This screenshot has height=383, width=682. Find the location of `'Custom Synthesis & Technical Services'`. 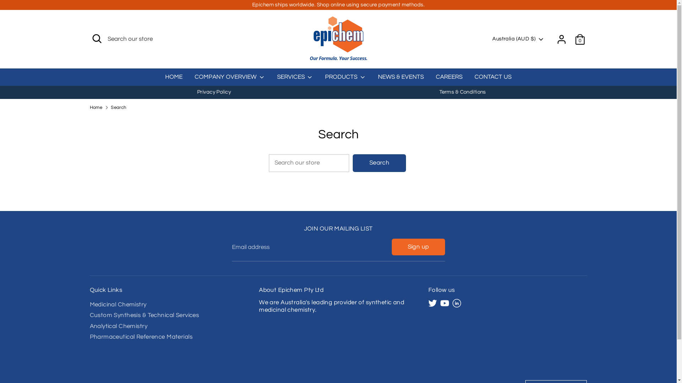

'Custom Synthesis & Technical Services' is located at coordinates (144, 315).